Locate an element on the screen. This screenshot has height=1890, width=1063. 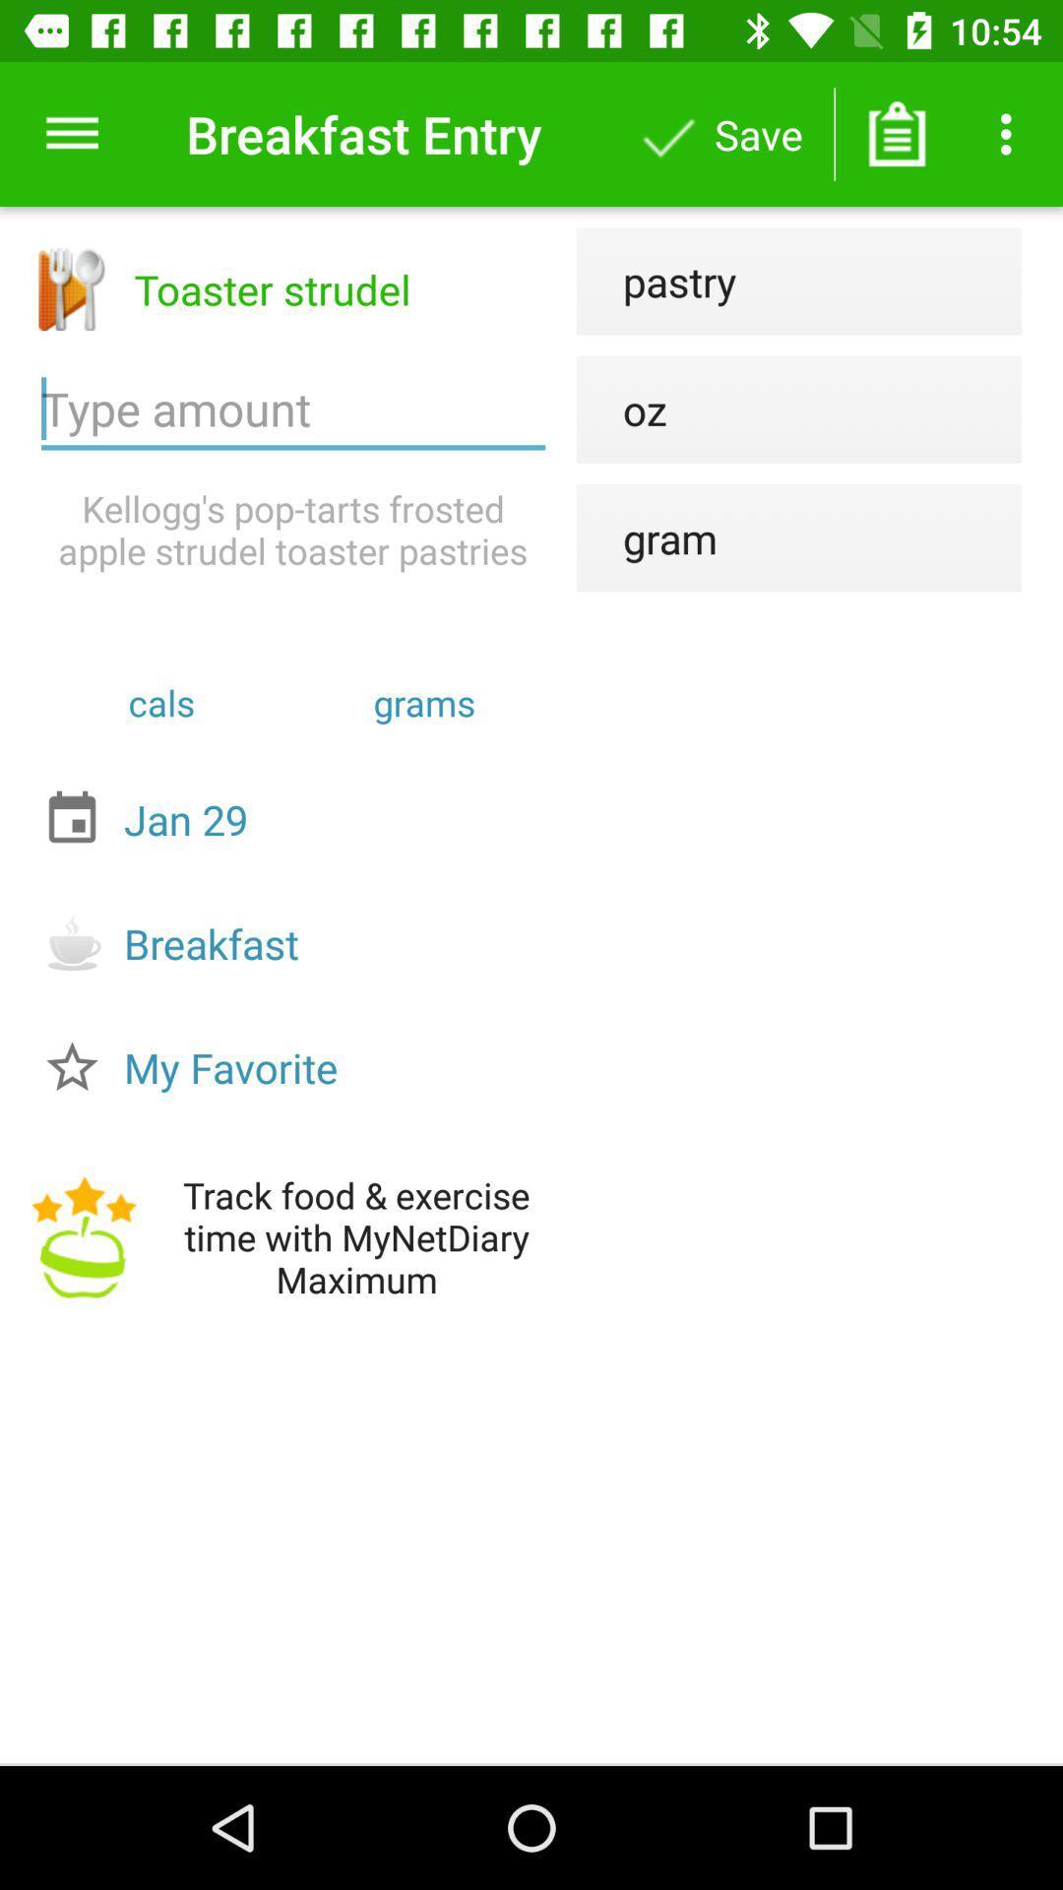
gram icon is located at coordinates (647, 537).